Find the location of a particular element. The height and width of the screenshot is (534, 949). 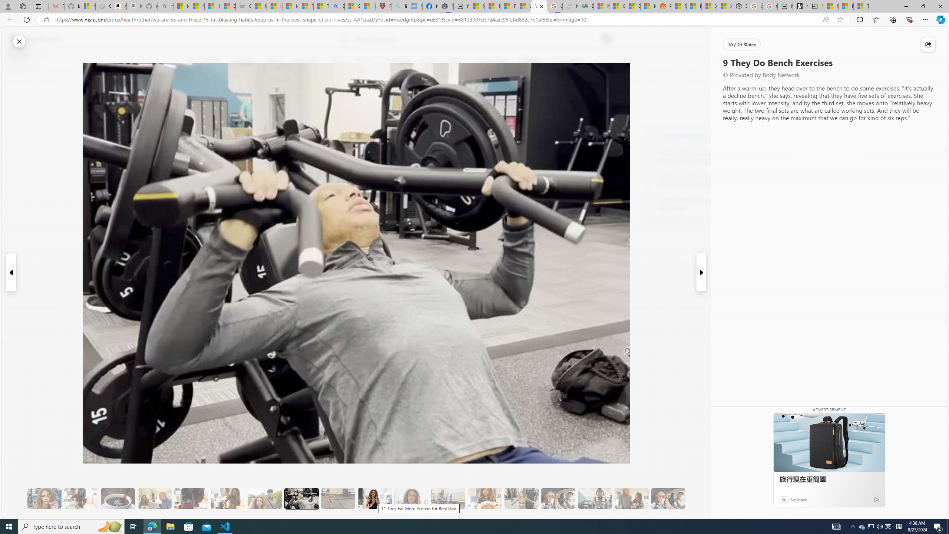

'2 They Use Protein Powder for Flavor' is located at coordinates (44, 498).